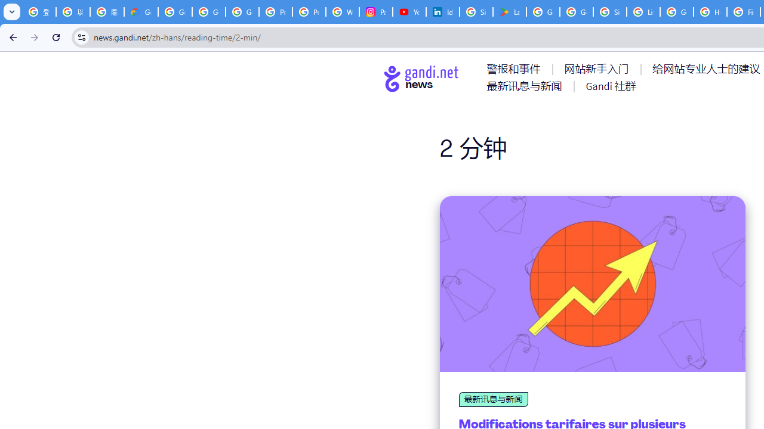 Image resolution: width=764 pixels, height=429 pixels. What do you see at coordinates (710, 12) in the screenshot?
I see `'How do I create a new Google Account? - Google Account Help'` at bounding box center [710, 12].